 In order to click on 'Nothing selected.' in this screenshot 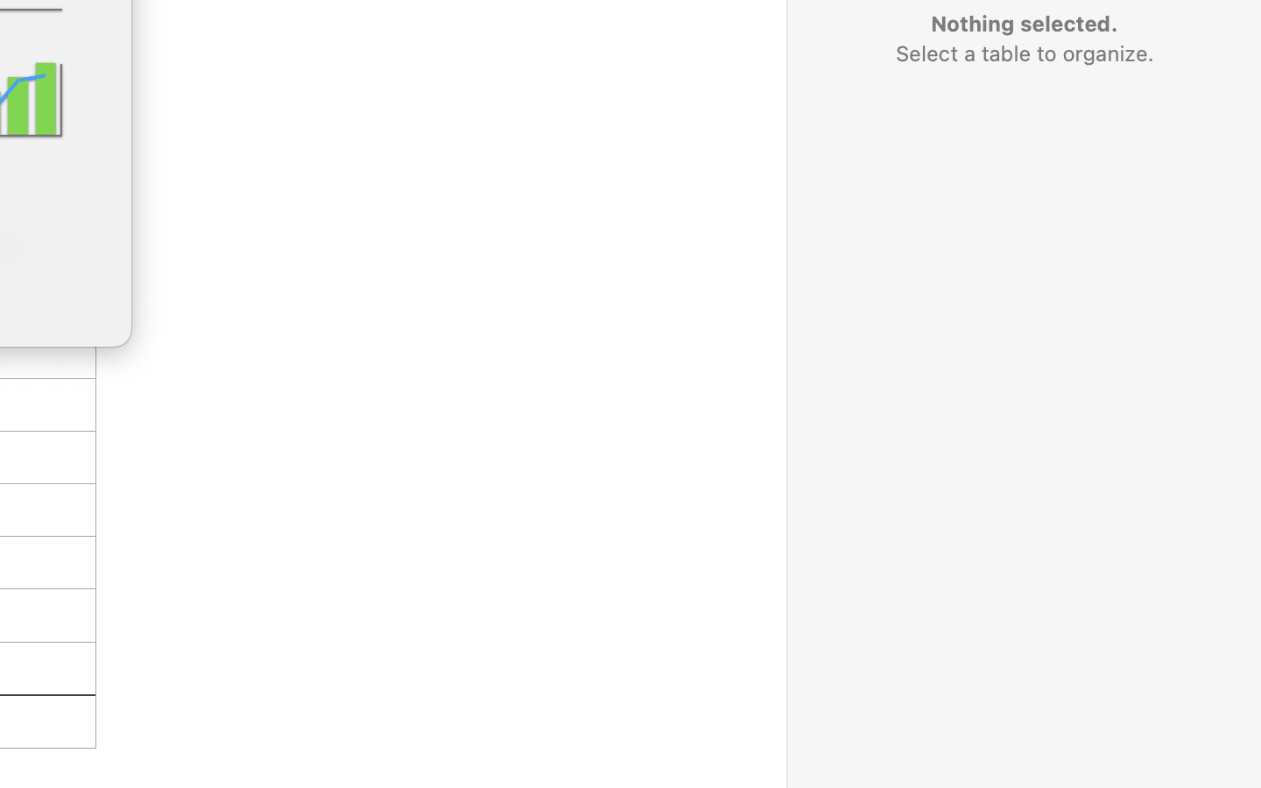, I will do `click(1023, 23)`.